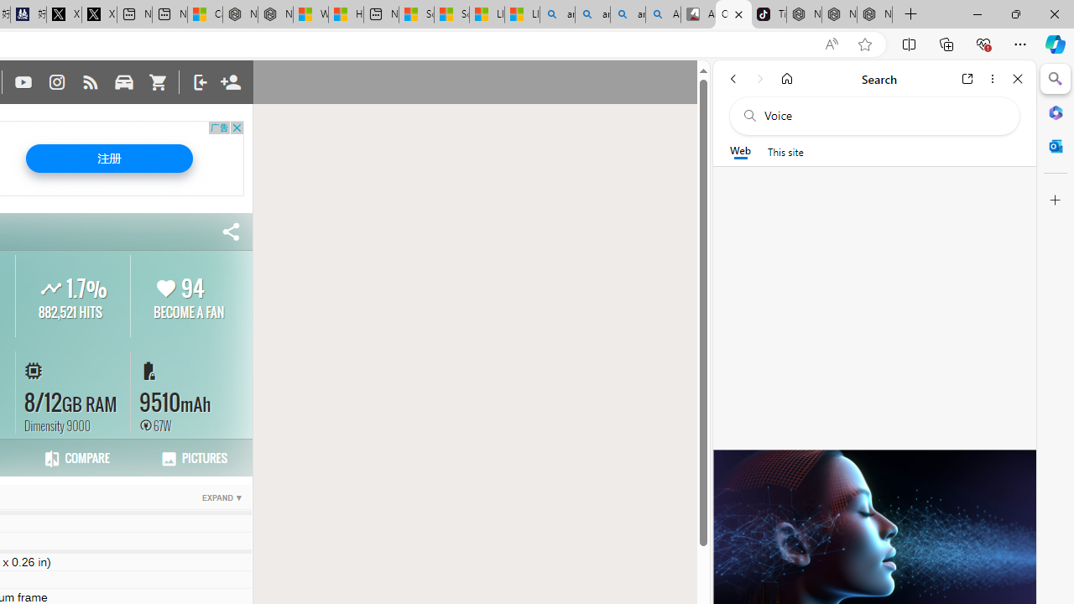  What do you see at coordinates (803, 14) in the screenshot?
I see `'Nordace - Best Sellers'` at bounding box center [803, 14].